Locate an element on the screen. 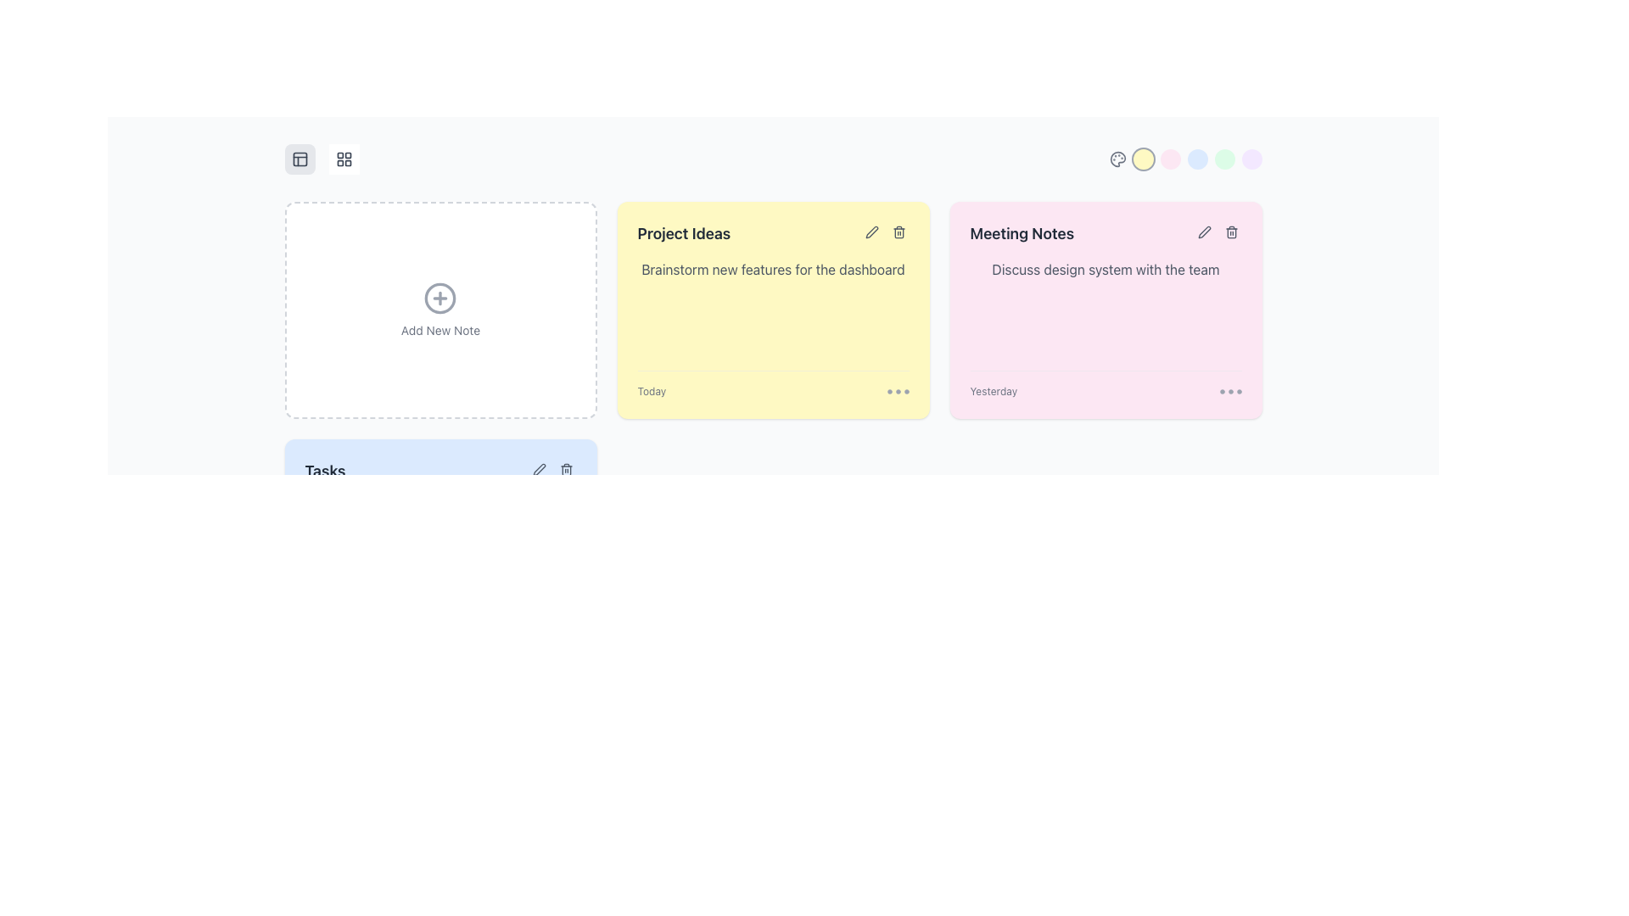 Image resolution: width=1629 pixels, height=916 pixels. the action button for adding a new note, which is represented by an icon and text within a dashed rectangular area in the left-center portion of the interface is located at coordinates (440, 310).